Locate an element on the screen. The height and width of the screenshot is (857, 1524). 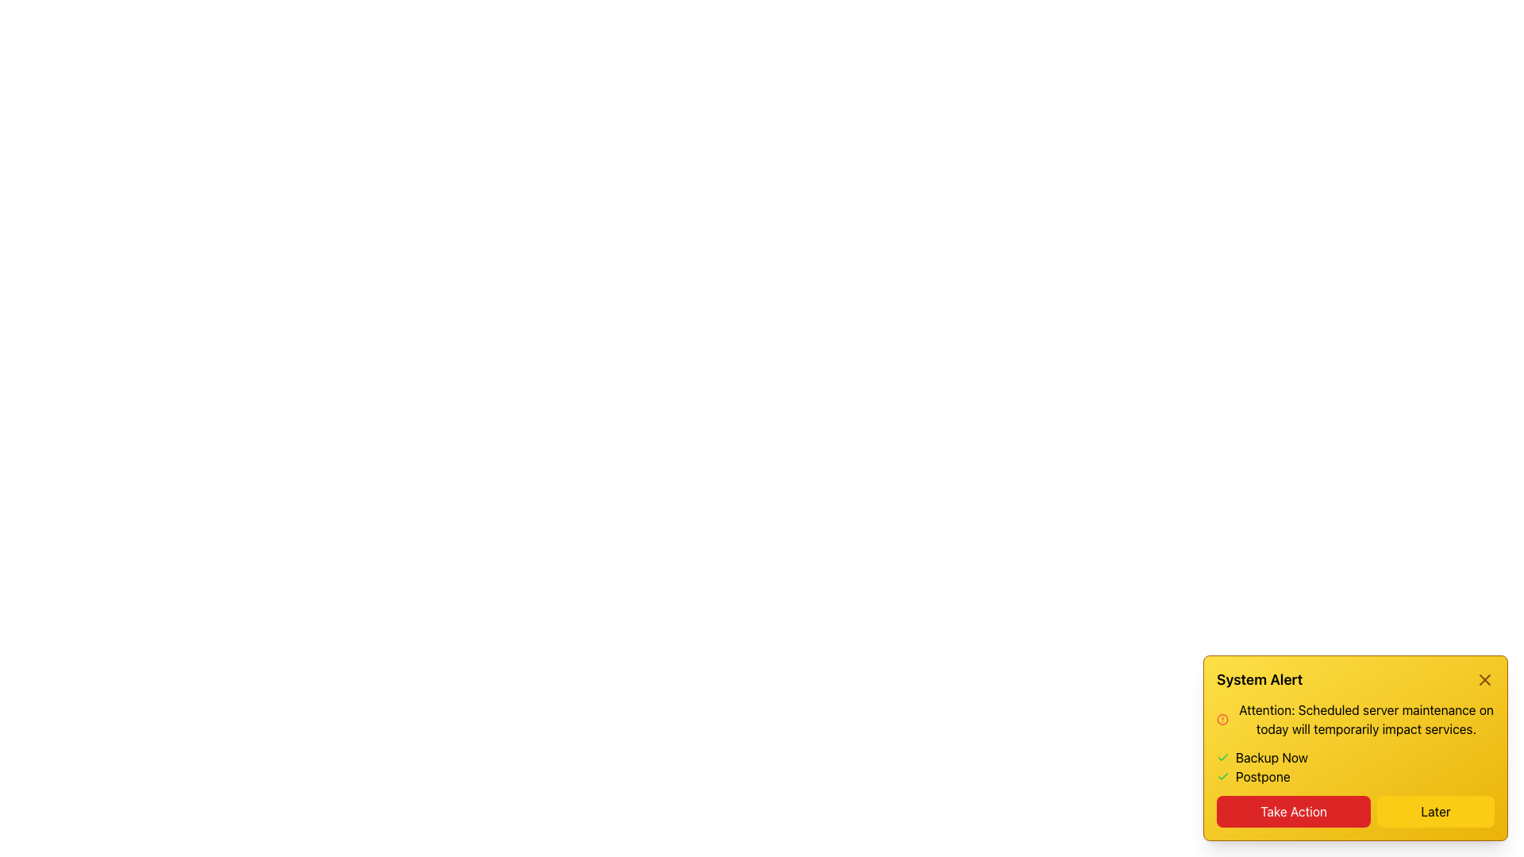
the close button located in the top-right corner of the 'System Alert' notification panel is located at coordinates (1484, 678).